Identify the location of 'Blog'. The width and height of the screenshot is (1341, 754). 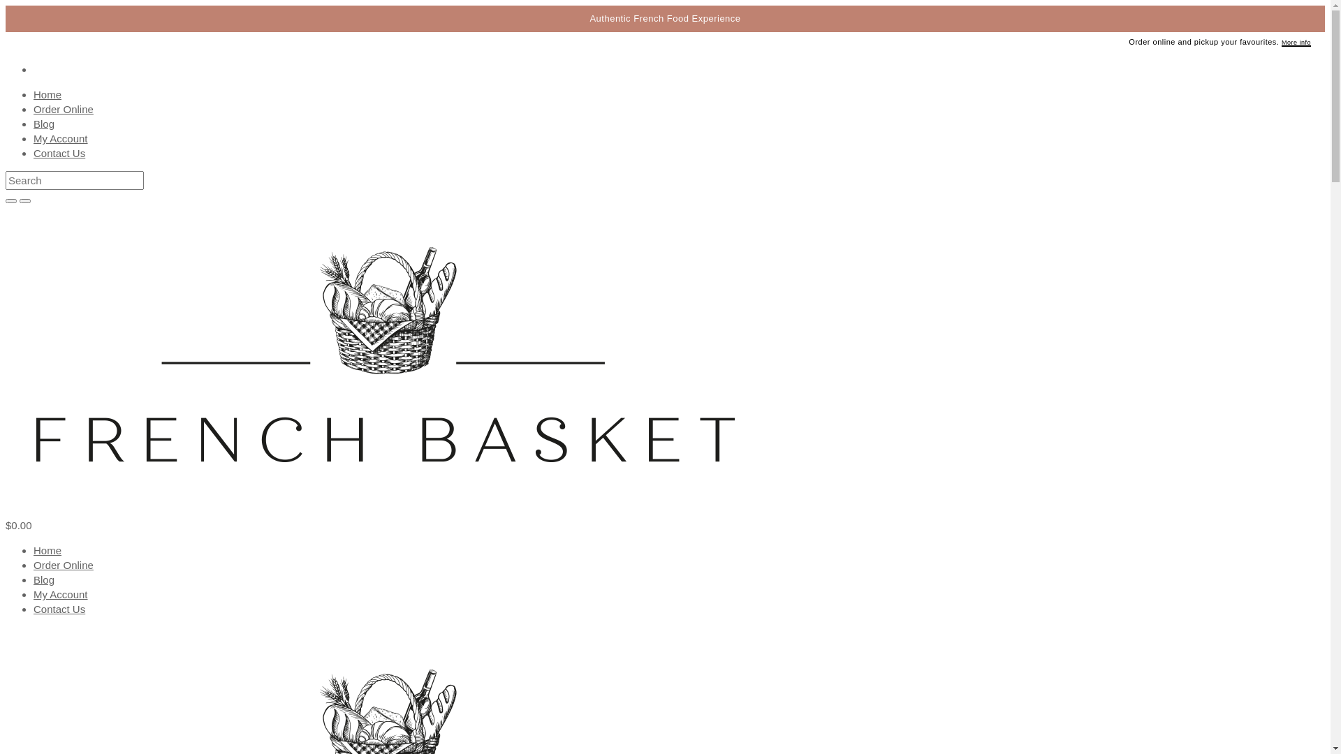
(43, 123).